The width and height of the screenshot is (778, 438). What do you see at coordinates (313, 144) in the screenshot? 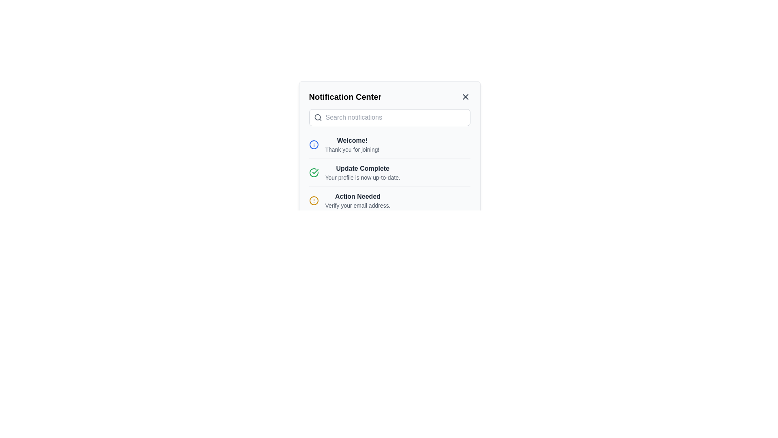
I see `the decorative SVG circle component that contributes to the appearance of an 'info' icon in the Notification Center` at bounding box center [313, 144].